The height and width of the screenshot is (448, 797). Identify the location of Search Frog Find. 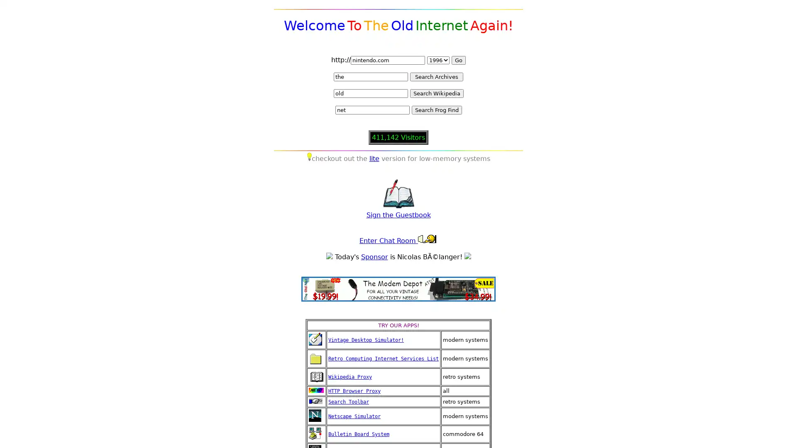
(436, 110).